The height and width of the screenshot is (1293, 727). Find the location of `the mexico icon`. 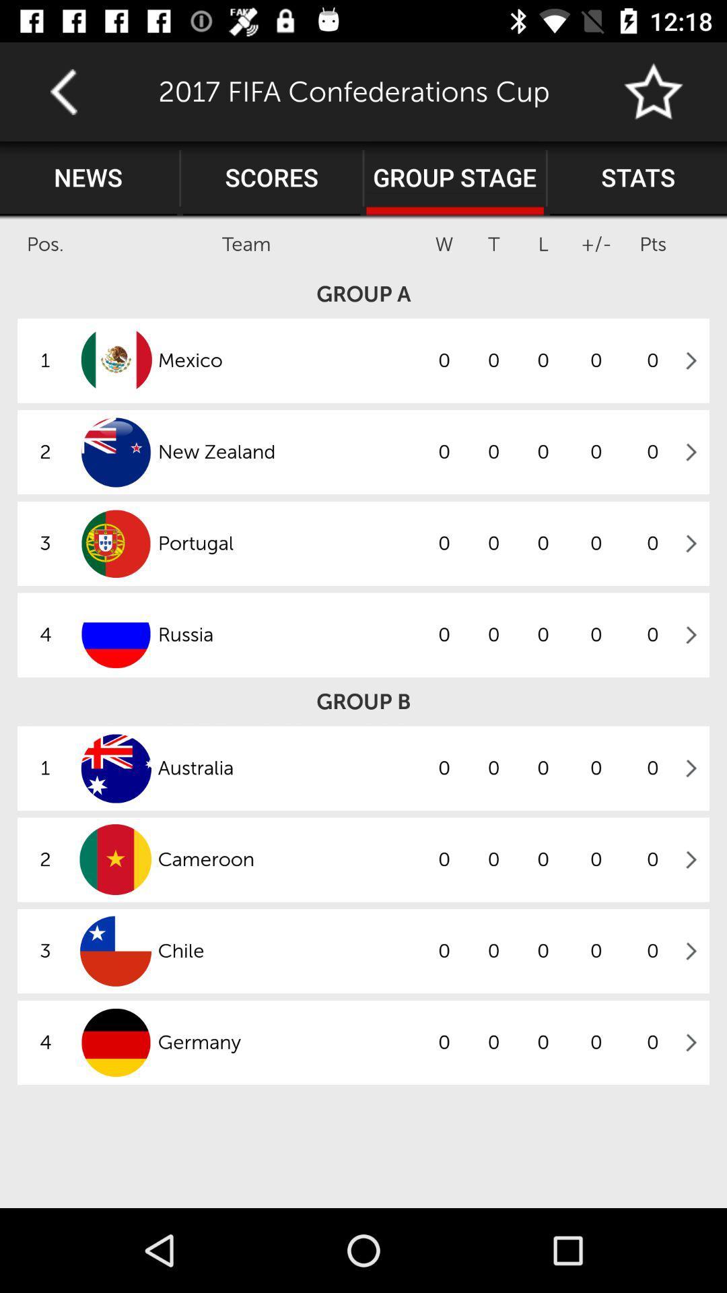

the mexico icon is located at coordinates (287, 360).